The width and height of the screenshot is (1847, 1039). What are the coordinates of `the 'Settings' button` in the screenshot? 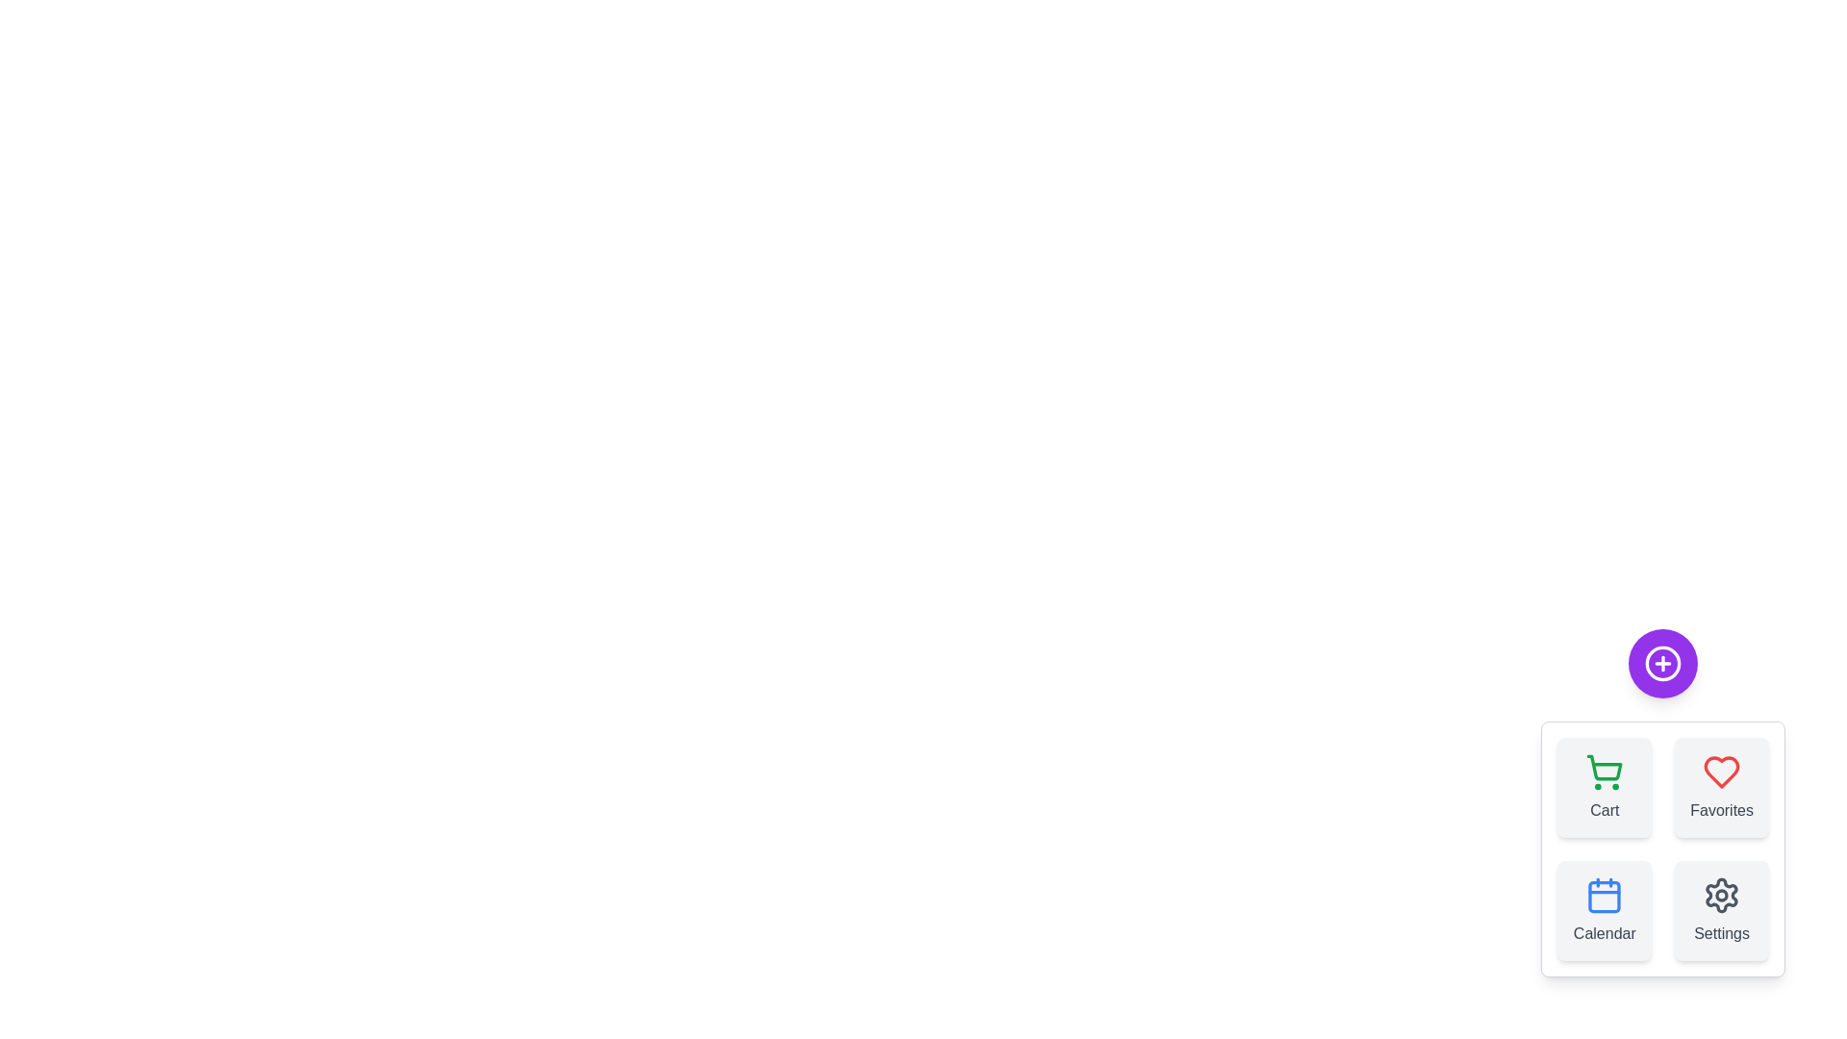 It's located at (1722, 910).